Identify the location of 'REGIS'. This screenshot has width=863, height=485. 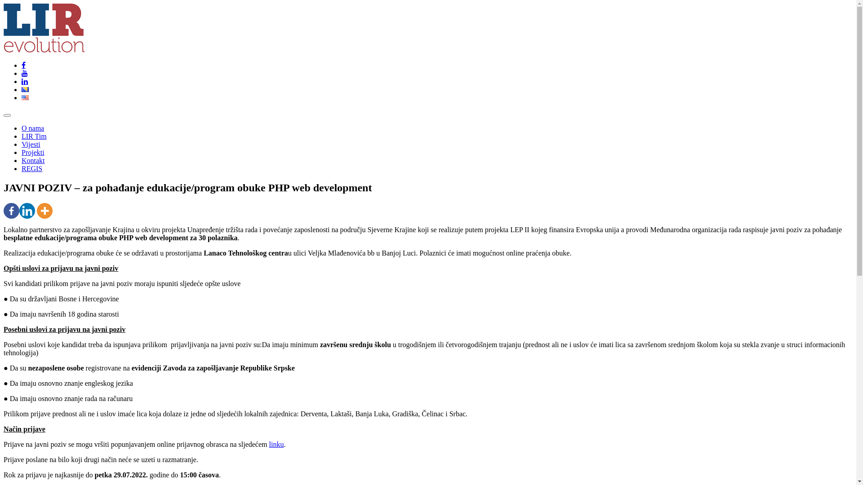
(32, 168).